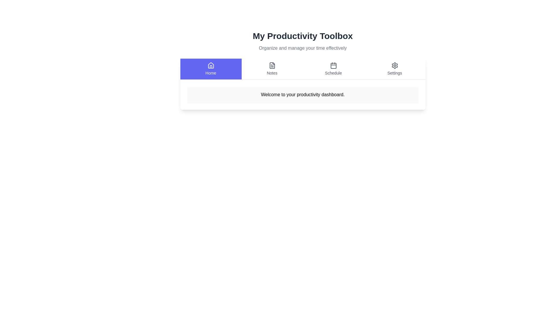 The height and width of the screenshot is (312, 555). Describe the element at coordinates (302, 41) in the screenshot. I see `header text 'My Productivity Toolbox' and the subtitle 'Organize and manage your time effectively' in the text display element located at the top of the content page` at that location.